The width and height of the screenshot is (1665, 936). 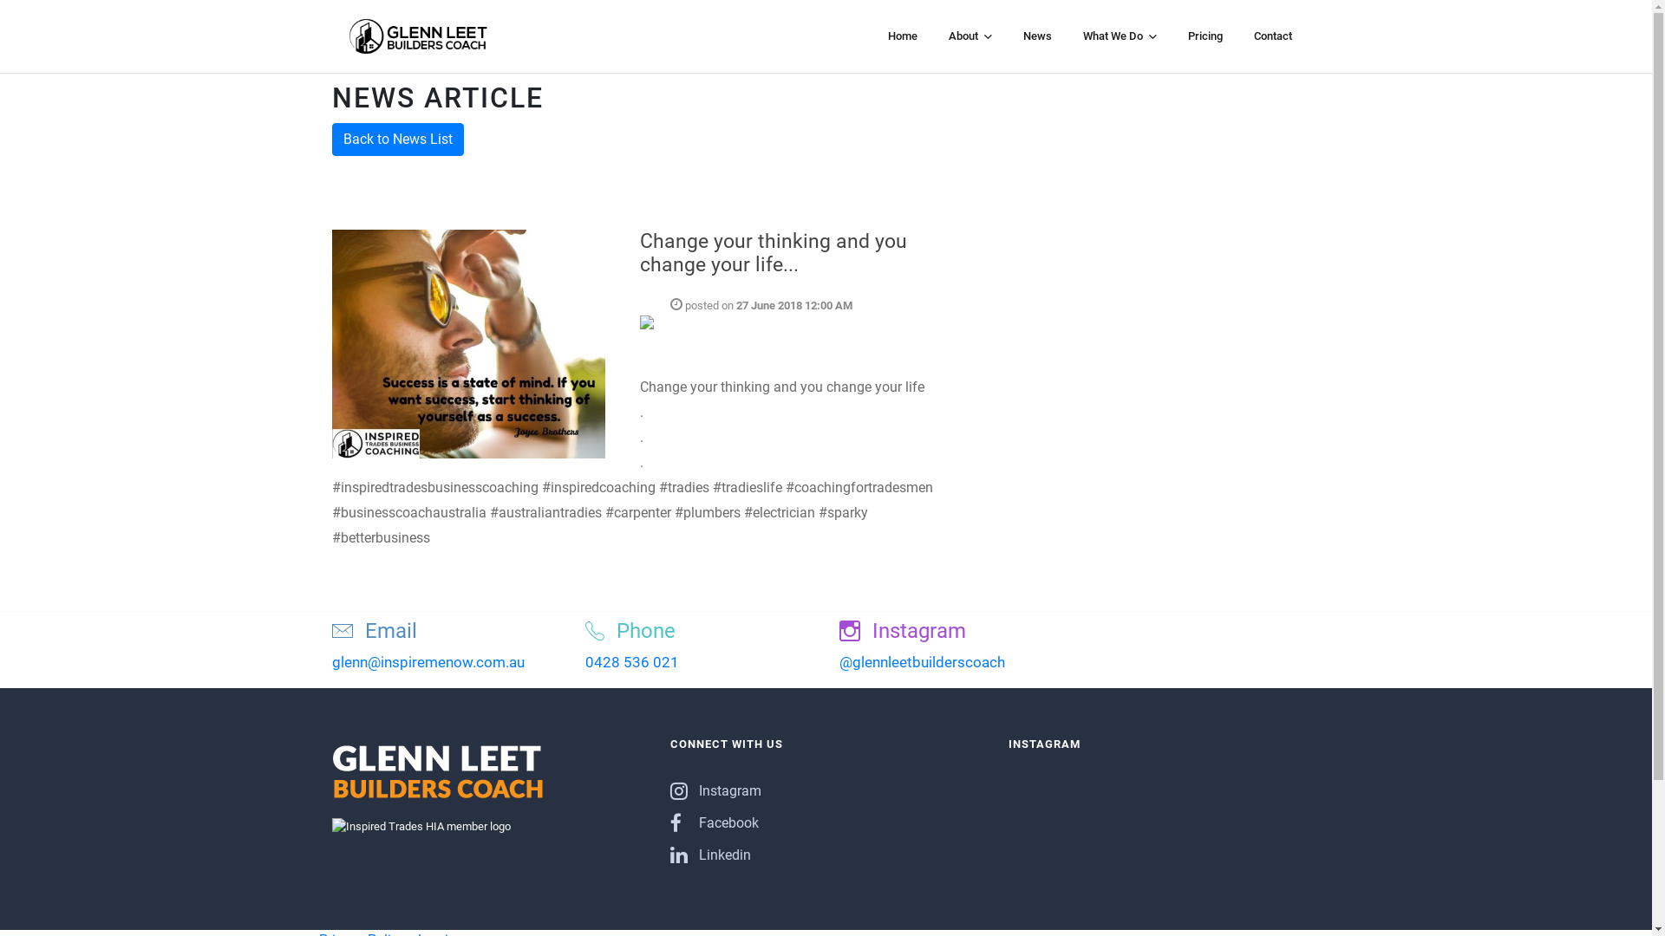 I want to click on 'Pricing', so click(x=1179, y=36).